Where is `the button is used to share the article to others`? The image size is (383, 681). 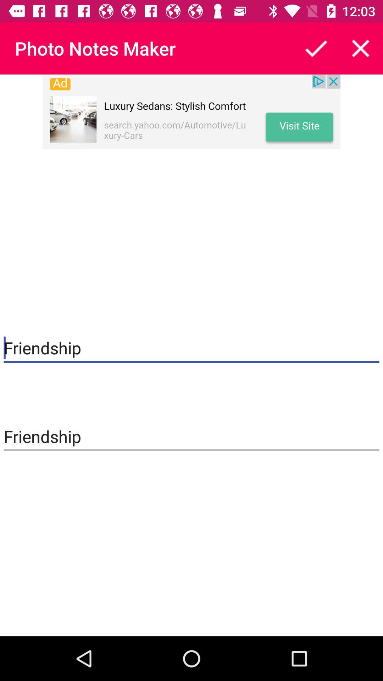
the button is used to share the article to others is located at coordinates (316, 48).